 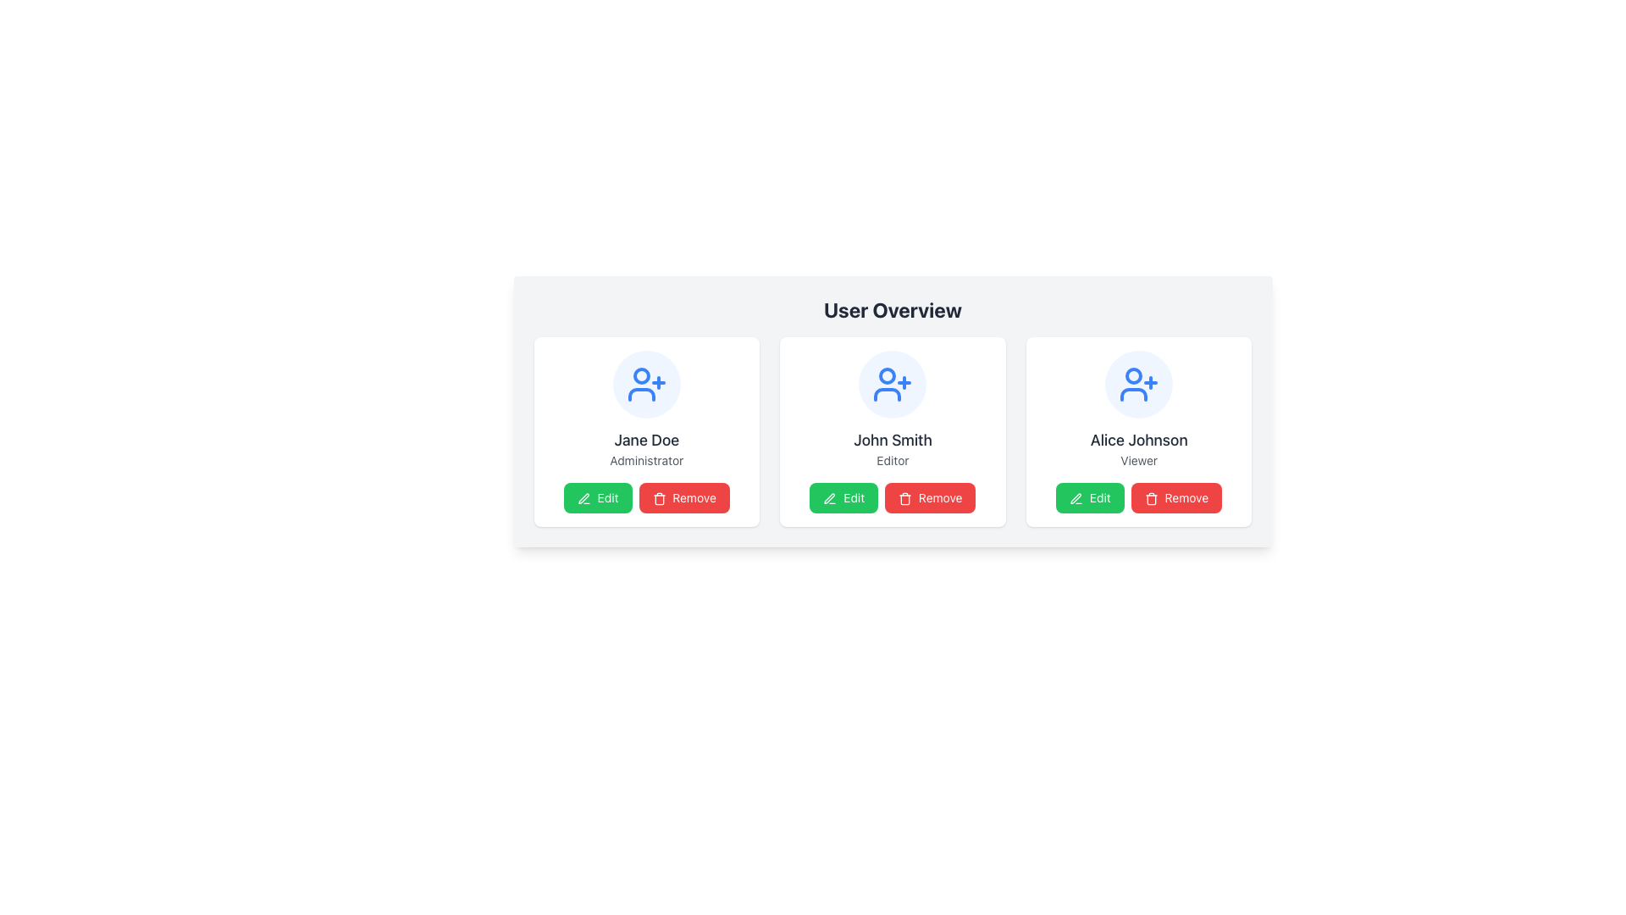 What do you see at coordinates (645, 460) in the screenshot?
I see `the text label indicating the user's role as 'Administrator' within the card for Jane Doe` at bounding box center [645, 460].